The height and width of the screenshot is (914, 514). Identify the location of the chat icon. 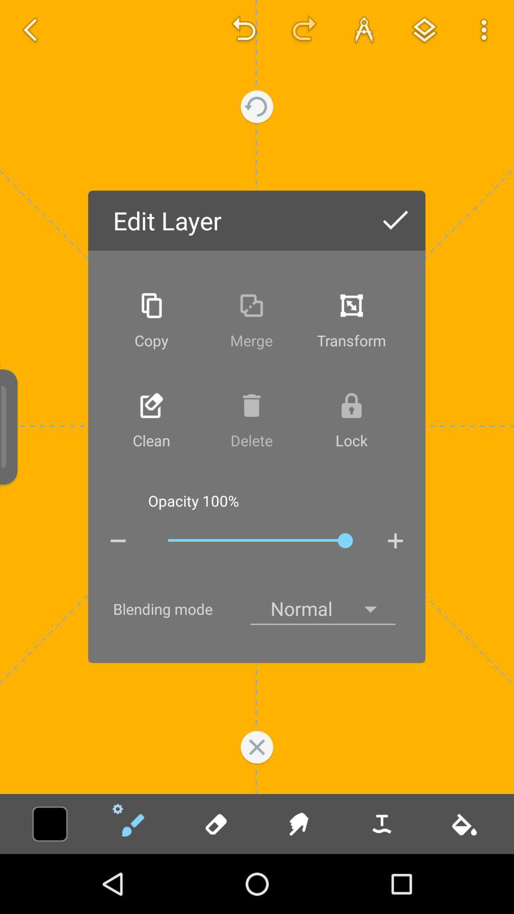
(298, 824).